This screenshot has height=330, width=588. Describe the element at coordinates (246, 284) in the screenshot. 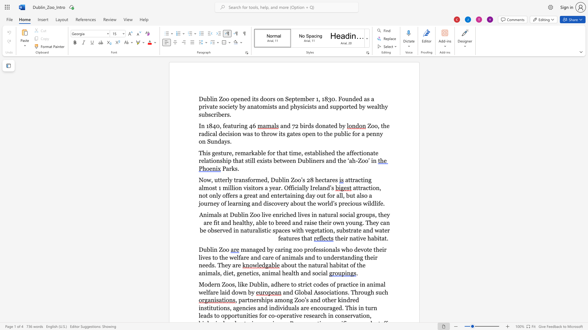

I see `the 2th character "e" in the text` at that location.